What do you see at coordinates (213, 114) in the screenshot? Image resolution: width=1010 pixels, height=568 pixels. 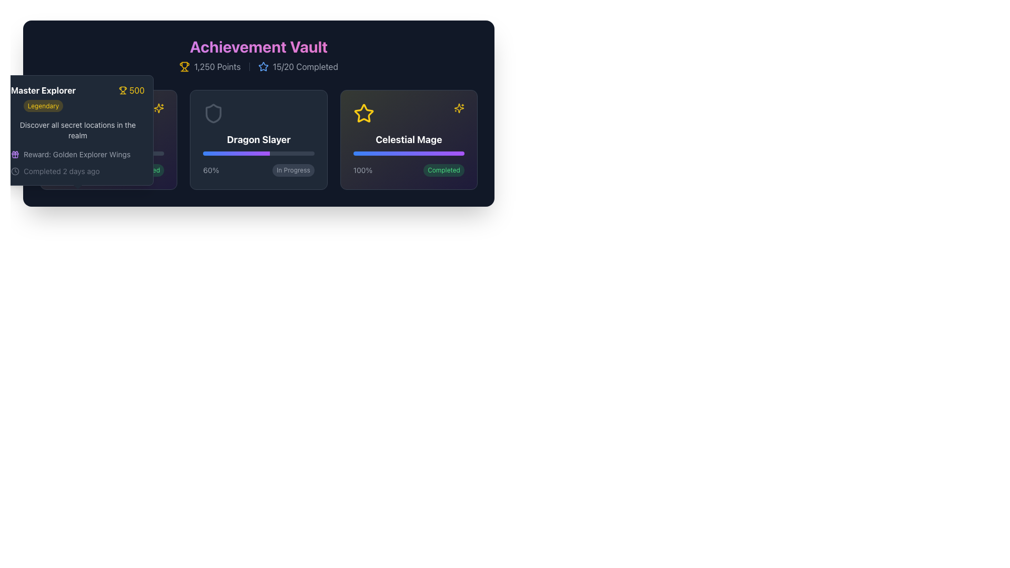 I see `the protection icon above the text 'Dragon Slayer' to read its symbolic meaning` at bounding box center [213, 114].